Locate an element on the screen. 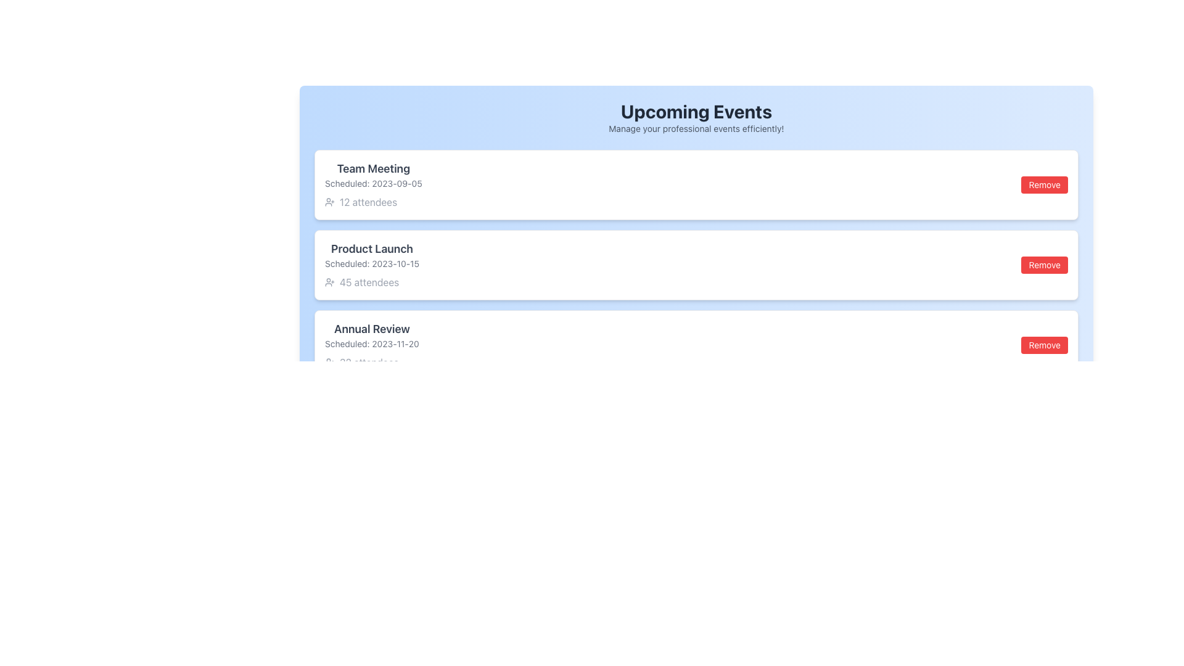 The width and height of the screenshot is (1184, 666). the text label displaying 'Scheduled: 2023-09-05', which is positioned below the 'Team Meeting' text and above the '12 attendees' label within a white rectangular card is located at coordinates (372, 183).